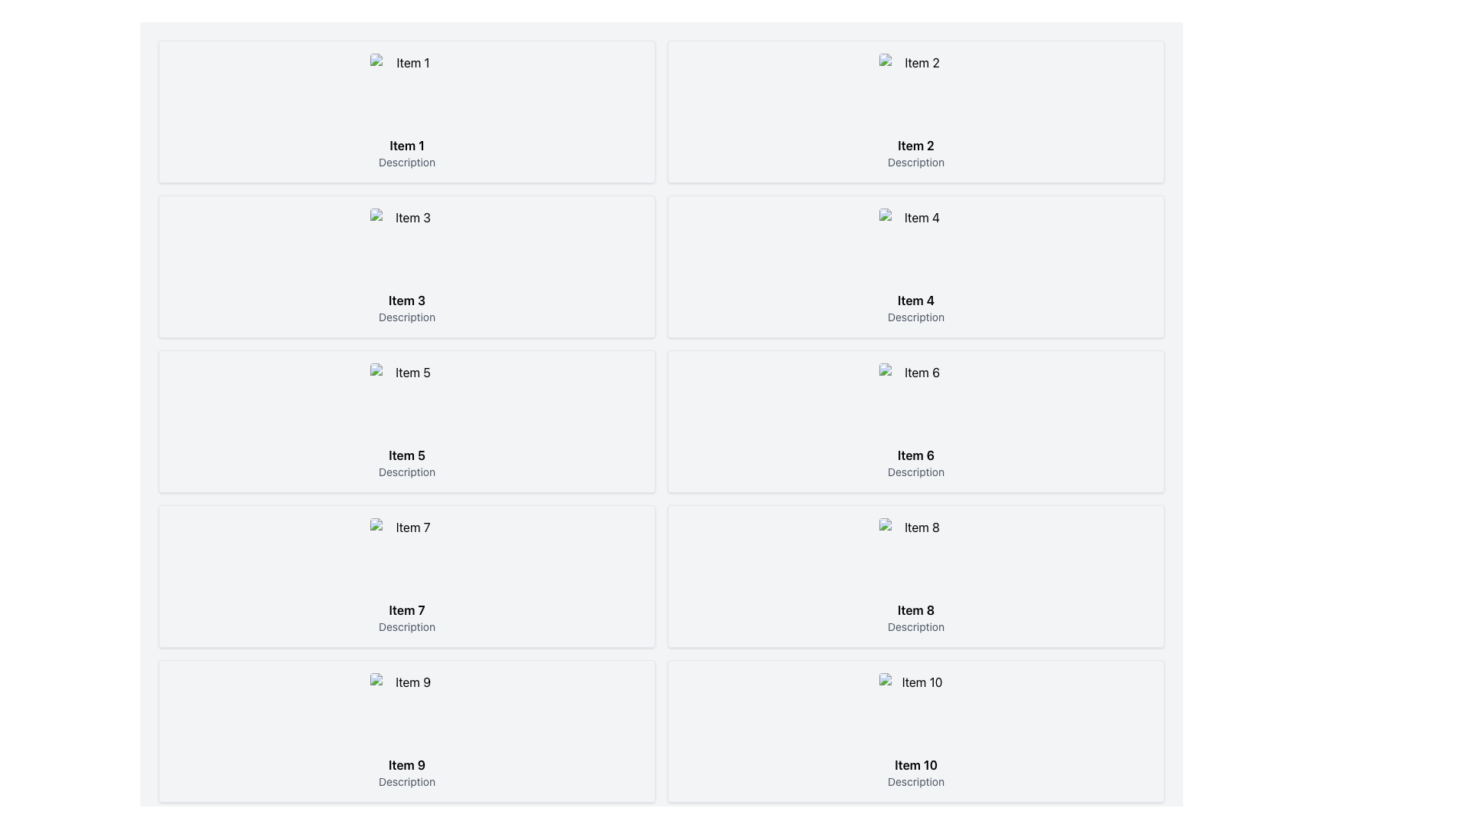 Image resolution: width=1472 pixels, height=828 pixels. Describe the element at coordinates (407, 555) in the screenshot. I see `the image thumbnail for 'Item 7'` at that location.